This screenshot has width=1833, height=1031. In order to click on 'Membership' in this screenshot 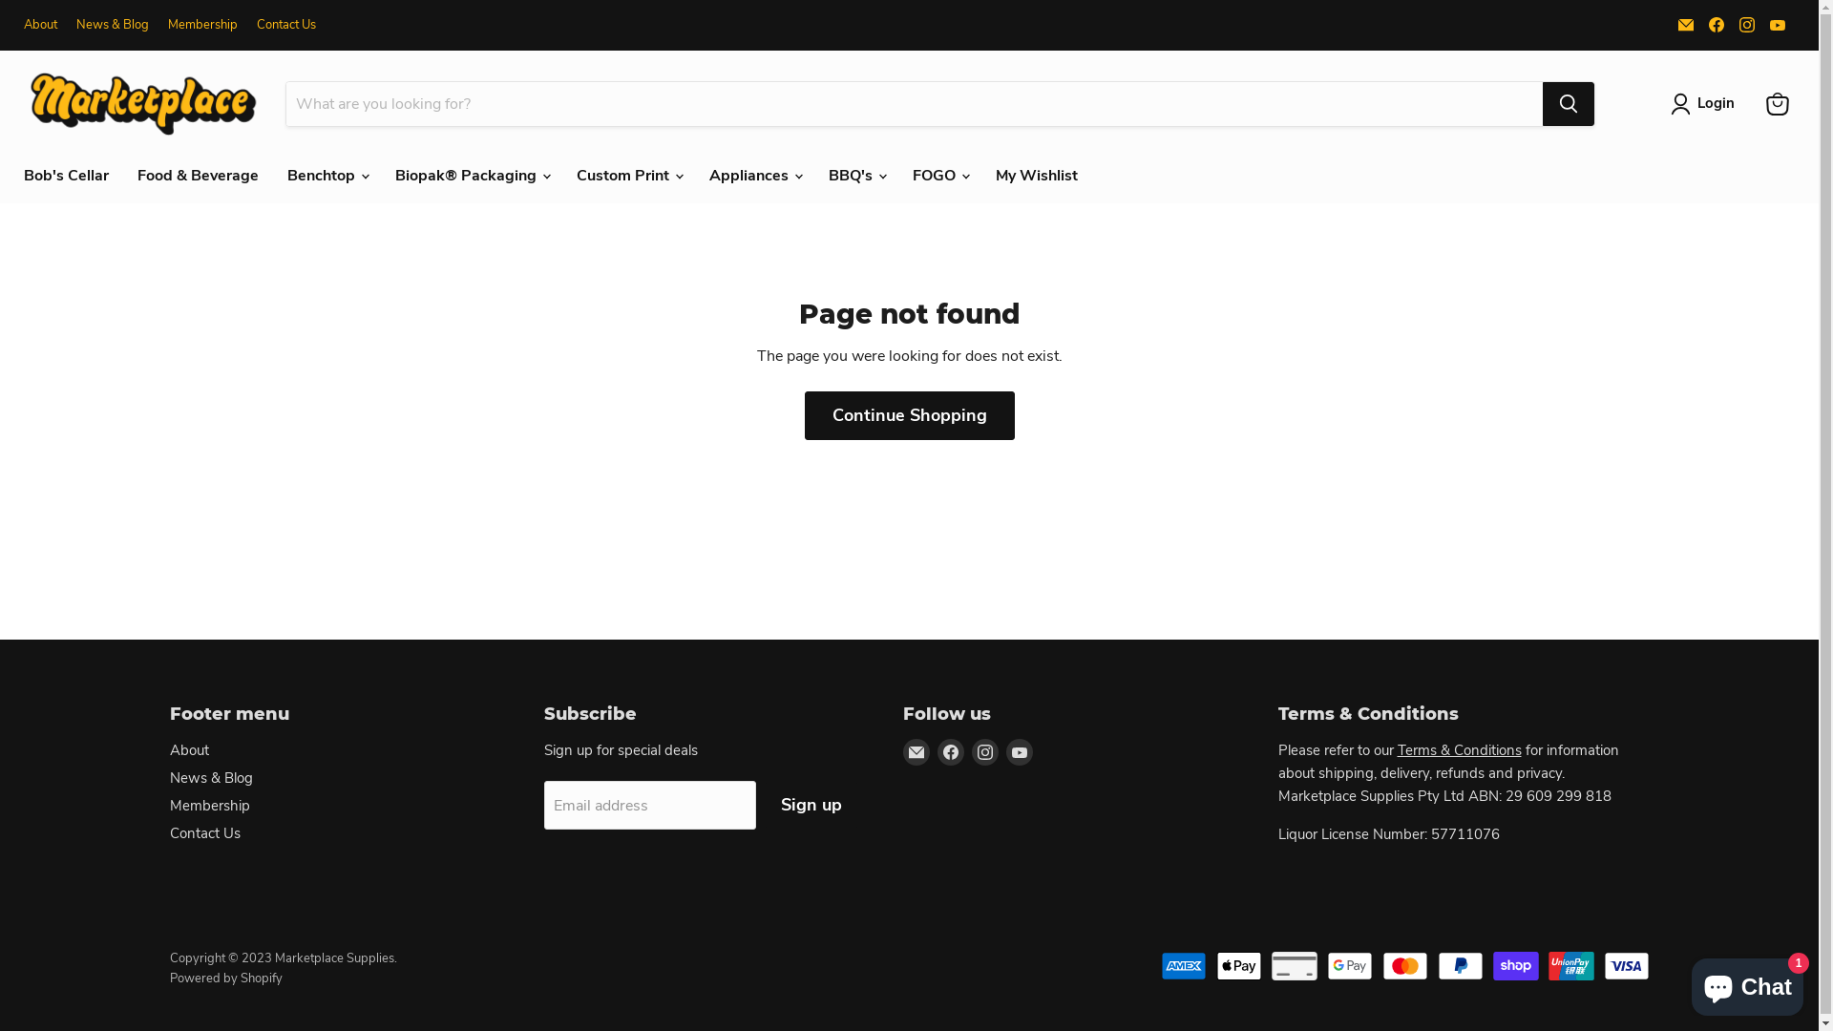, I will do `click(210, 806)`.